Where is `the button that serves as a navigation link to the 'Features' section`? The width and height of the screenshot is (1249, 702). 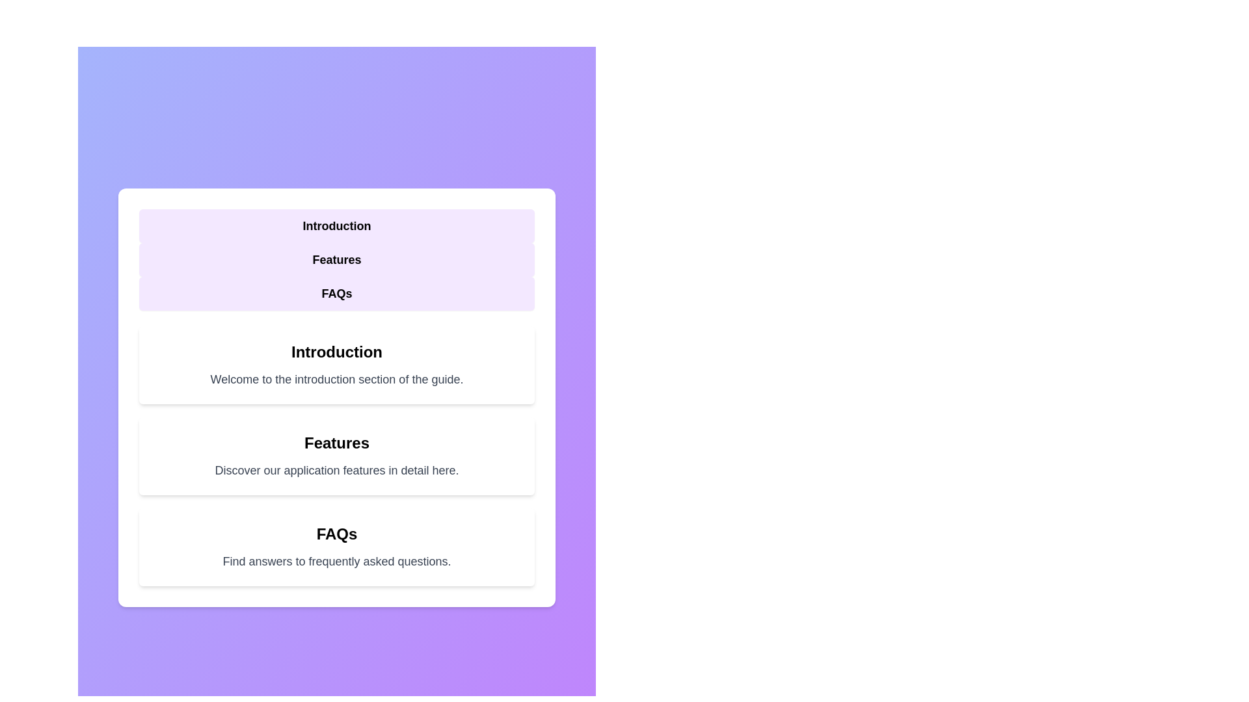
the button that serves as a navigation link to the 'Features' section is located at coordinates (337, 260).